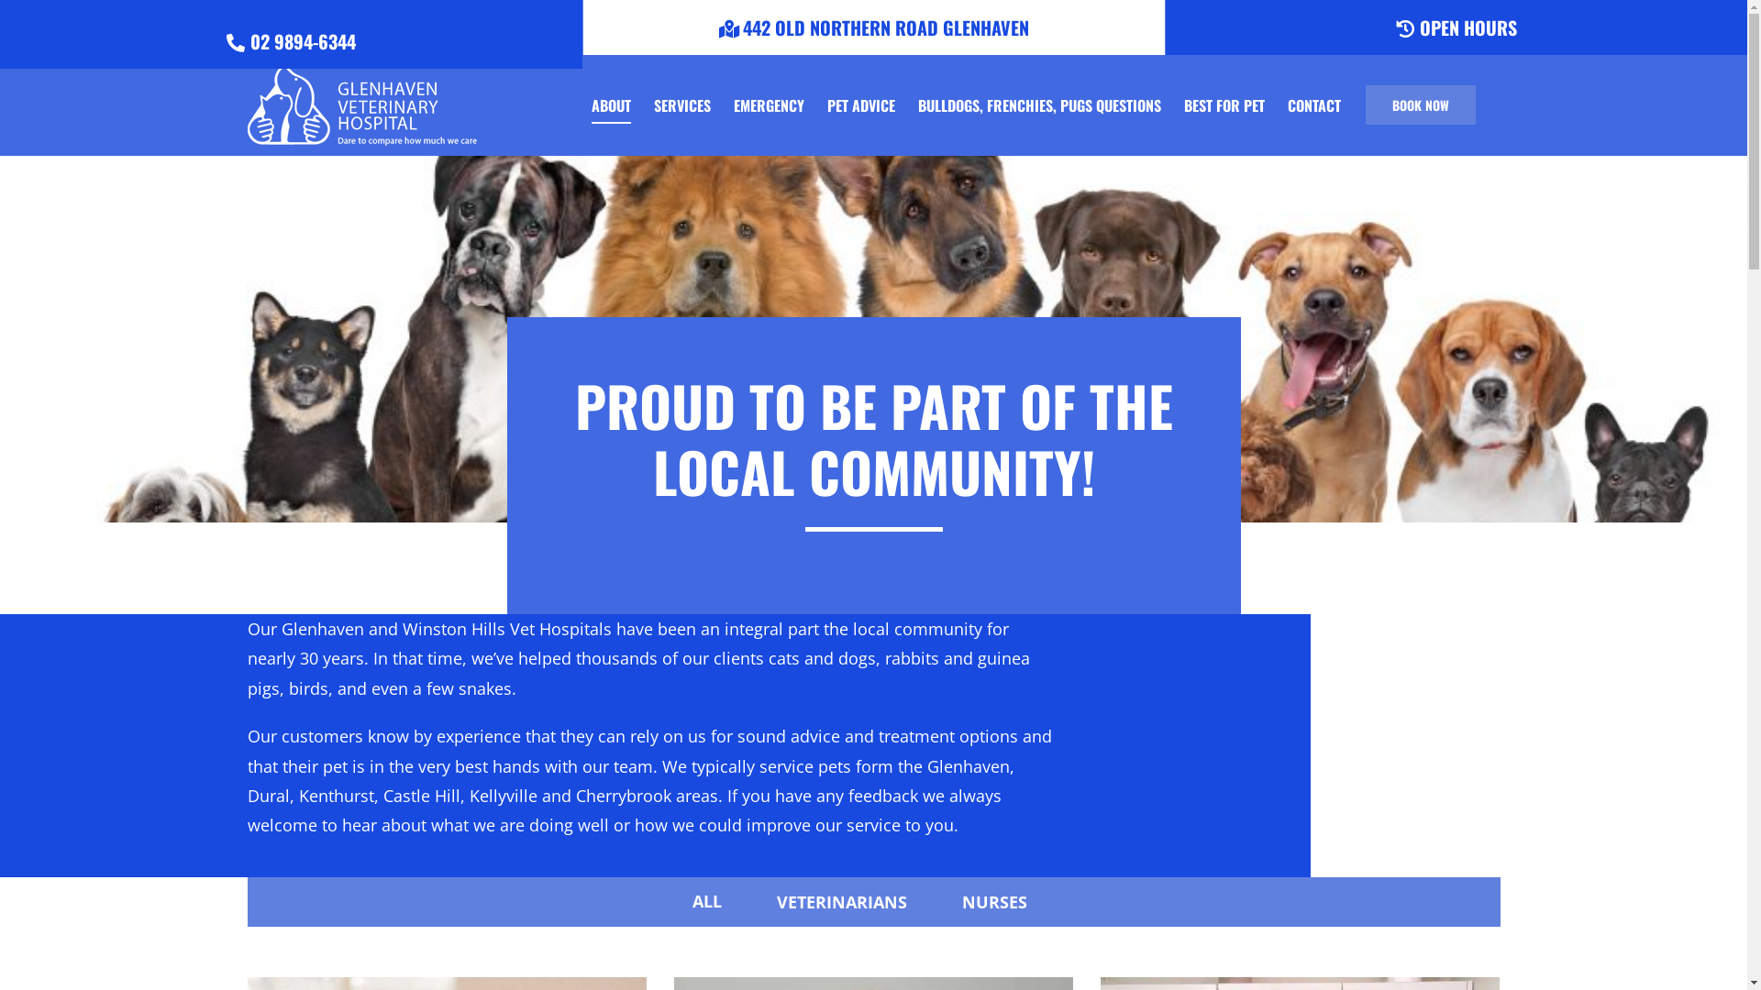 This screenshot has height=990, width=1761. Describe the element at coordinates (1224, 104) in the screenshot. I see `'BEST FOR PET'` at that location.